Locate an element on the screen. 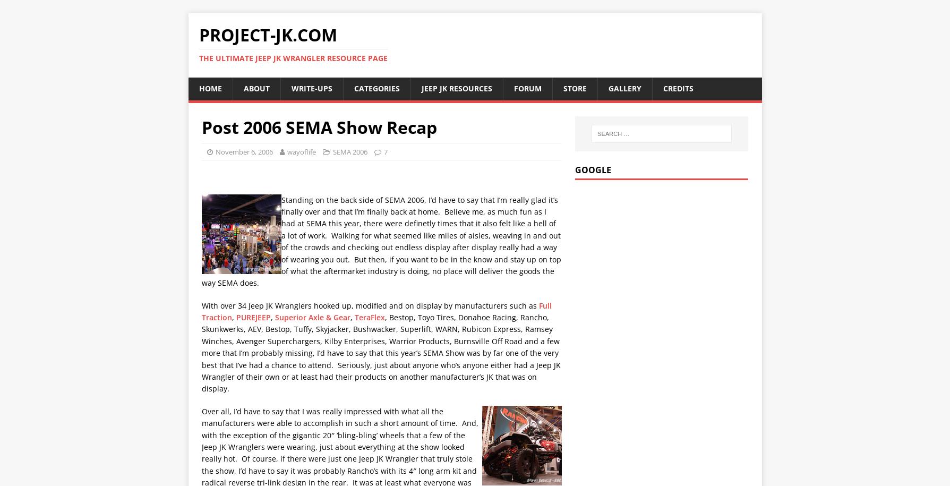 The image size is (950, 486). 'wayoflife' is located at coordinates (286, 151).